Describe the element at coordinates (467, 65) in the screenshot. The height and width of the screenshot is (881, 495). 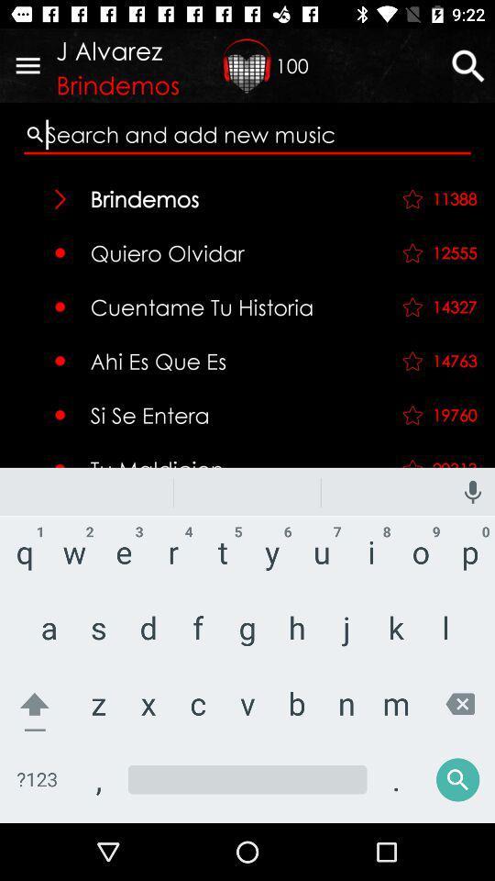
I see `the search icon` at that location.